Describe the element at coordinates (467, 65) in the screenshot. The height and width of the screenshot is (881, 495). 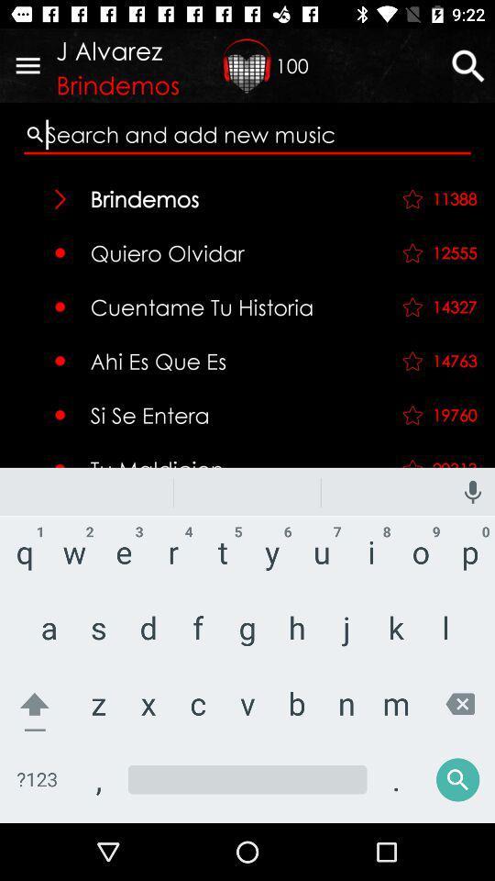
I see `the search icon` at that location.